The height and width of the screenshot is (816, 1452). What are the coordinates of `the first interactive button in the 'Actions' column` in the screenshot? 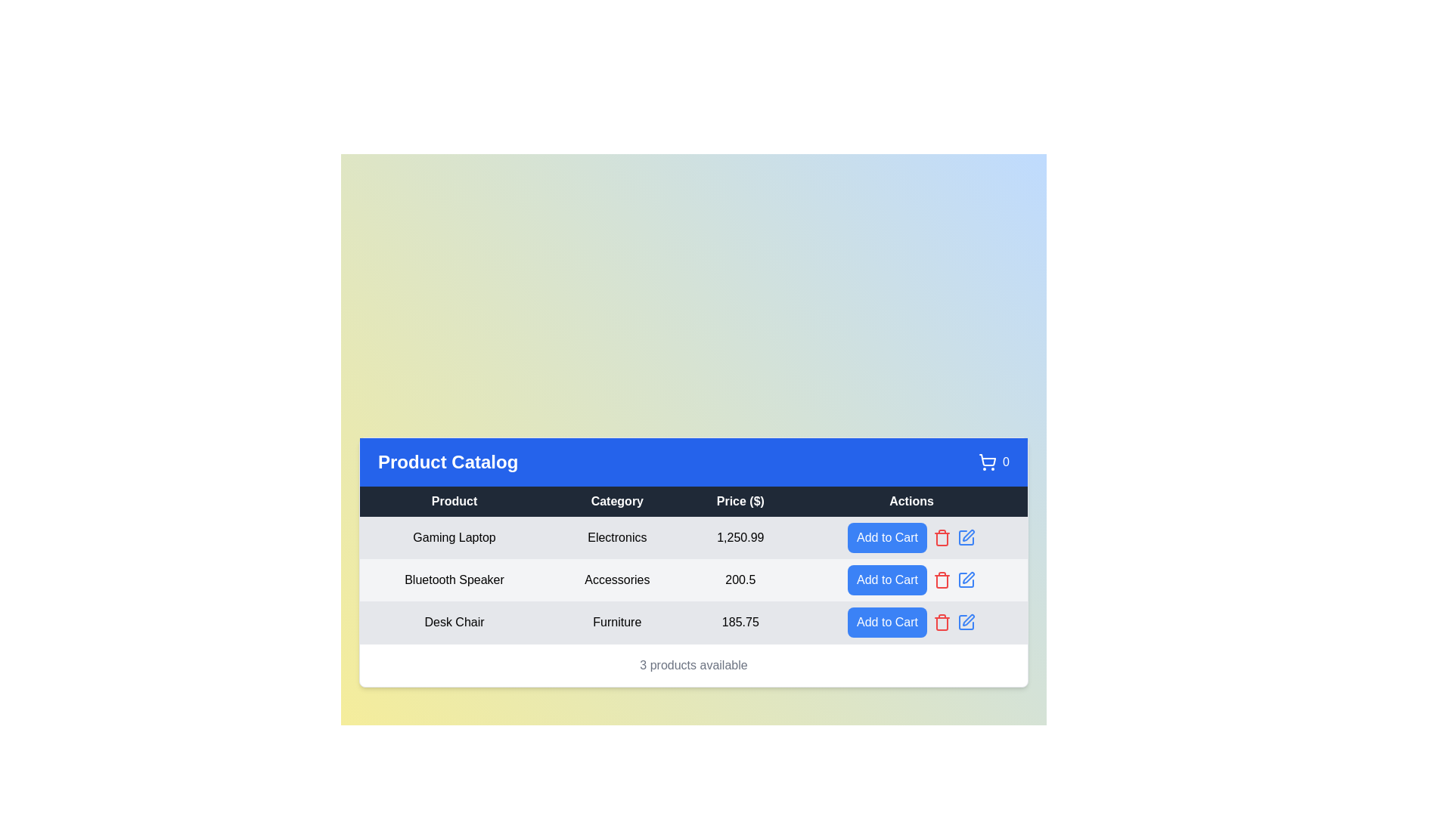 It's located at (911, 536).